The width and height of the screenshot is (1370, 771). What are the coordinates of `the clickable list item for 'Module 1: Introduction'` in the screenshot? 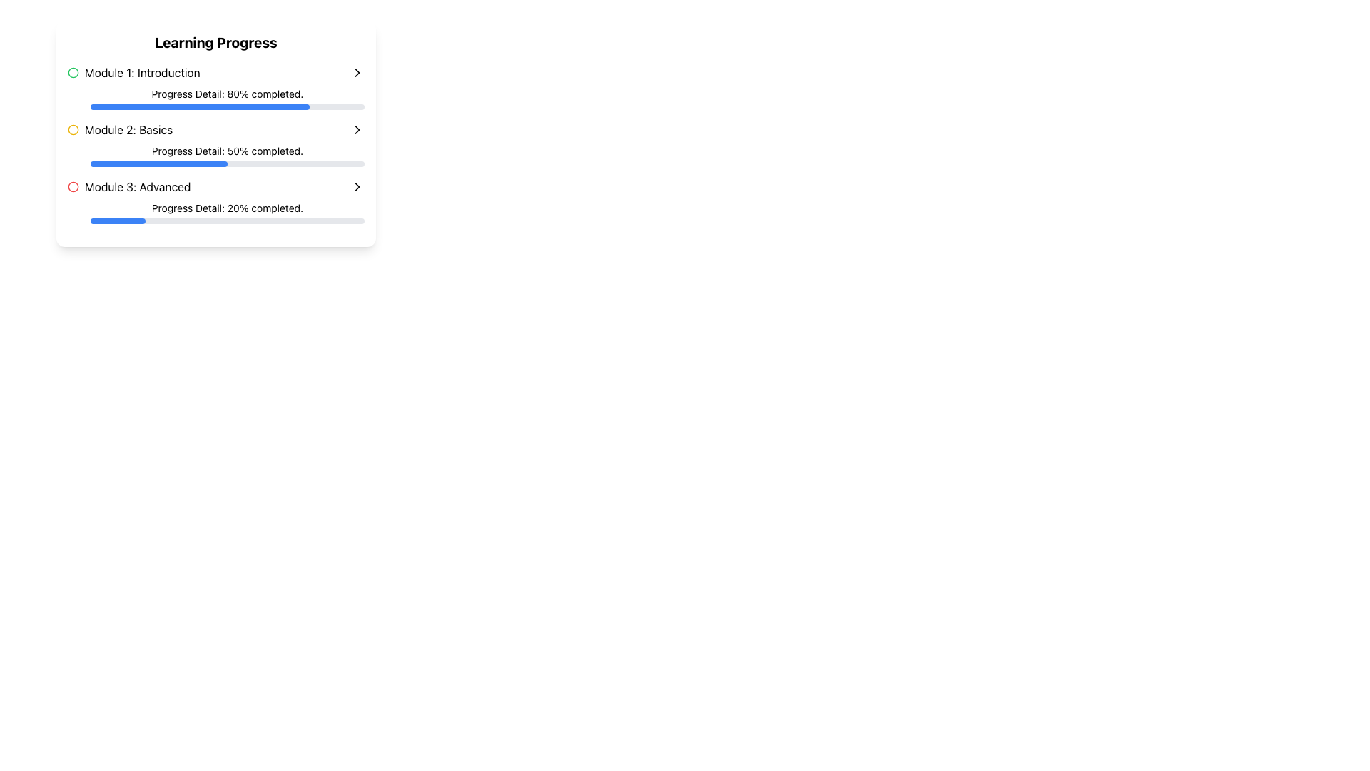 It's located at (215, 72).